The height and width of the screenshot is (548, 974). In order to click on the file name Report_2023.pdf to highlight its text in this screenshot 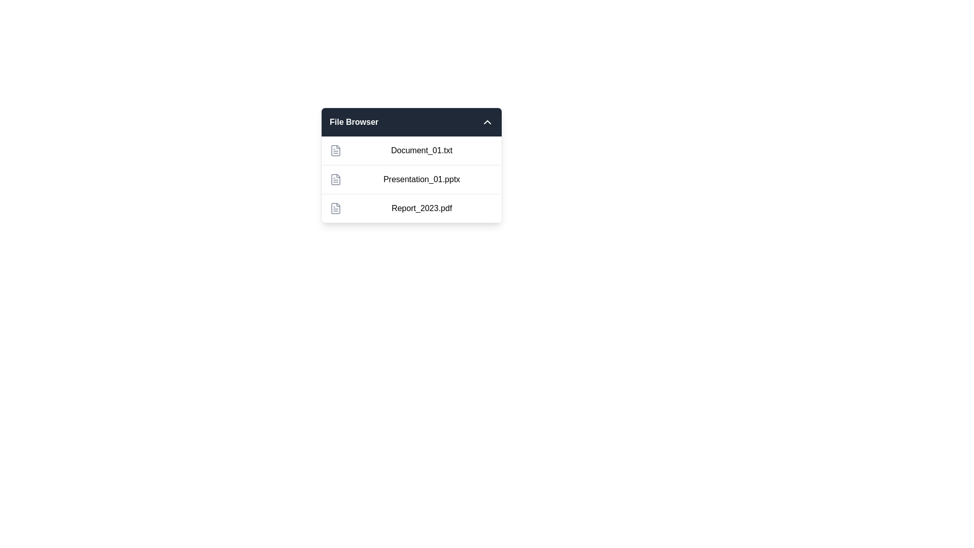, I will do `click(411, 208)`.